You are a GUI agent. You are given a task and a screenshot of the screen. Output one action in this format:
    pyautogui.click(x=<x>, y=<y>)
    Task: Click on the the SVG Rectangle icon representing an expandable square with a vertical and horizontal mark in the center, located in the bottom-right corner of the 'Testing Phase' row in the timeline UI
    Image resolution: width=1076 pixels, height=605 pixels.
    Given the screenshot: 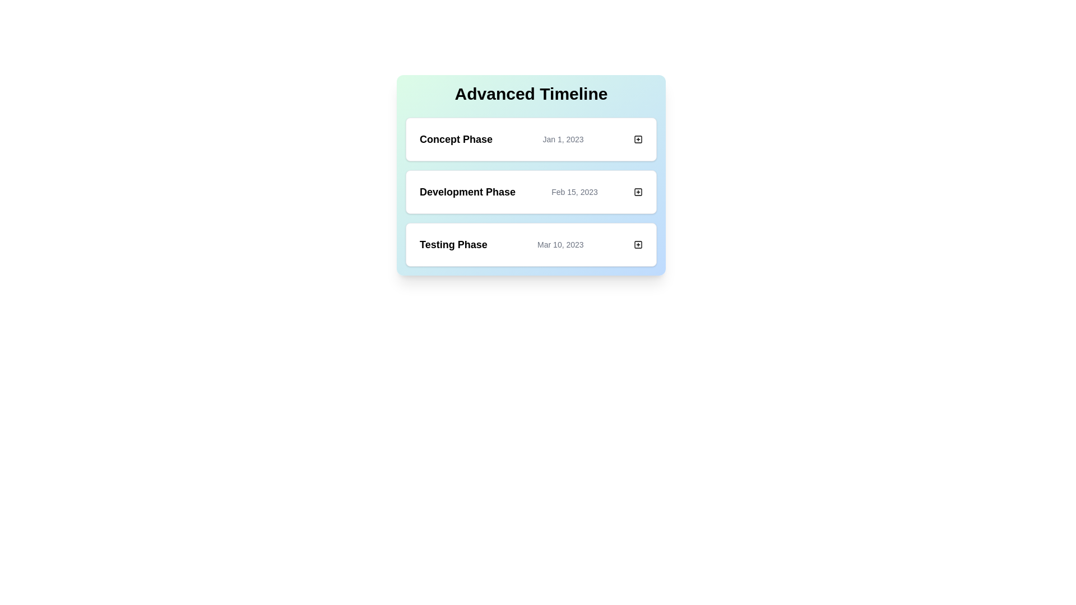 What is the action you would take?
    pyautogui.click(x=638, y=244)
    